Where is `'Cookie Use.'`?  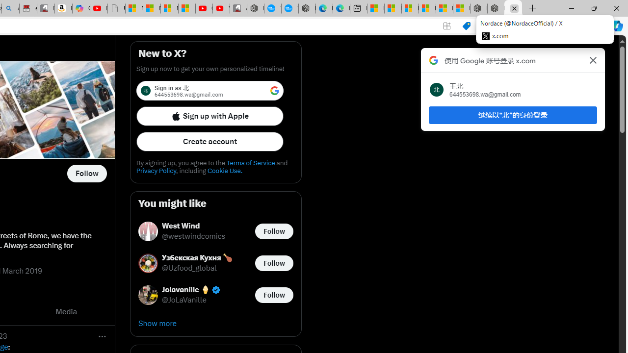 'Cookie Use.' is located at coordinates (224, 170).